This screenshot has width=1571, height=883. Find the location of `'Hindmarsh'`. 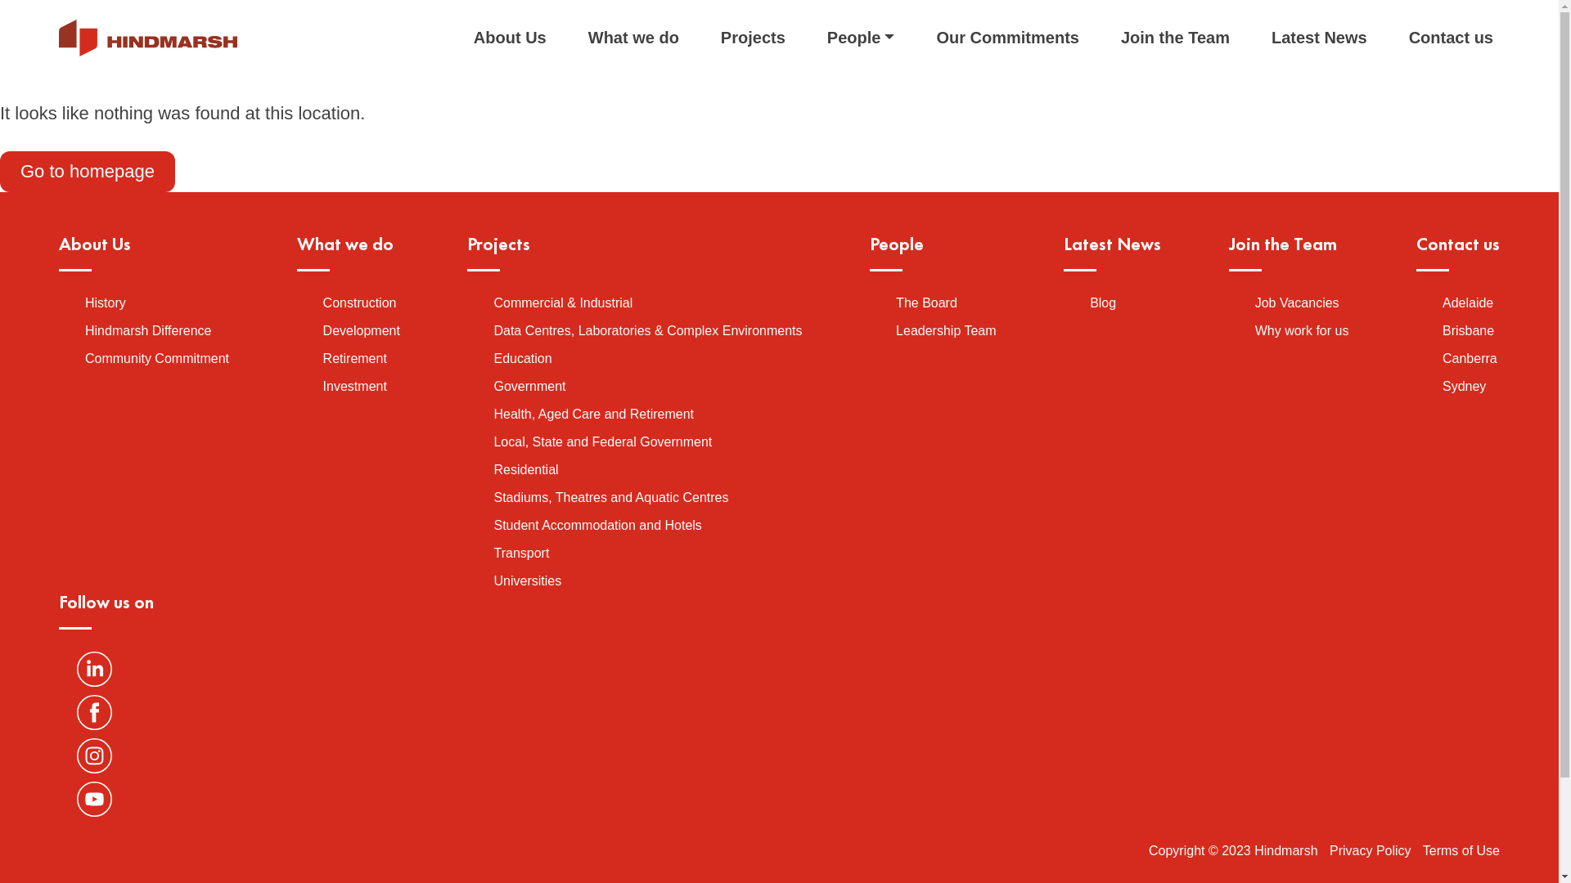

'Hindmarsh' is located at coordinates (148, 37).